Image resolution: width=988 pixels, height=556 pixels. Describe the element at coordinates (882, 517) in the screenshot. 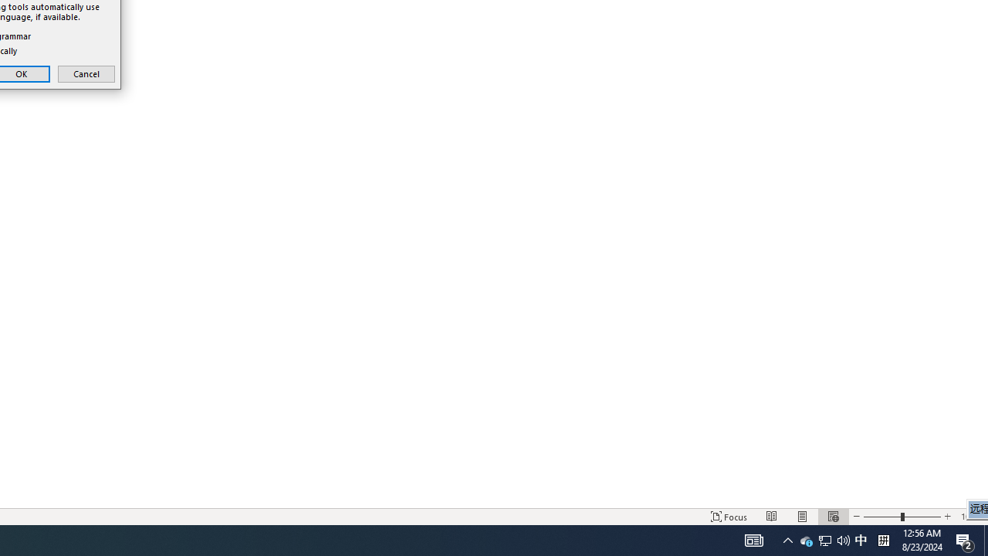

I see `'Tray Input Indicator - Chinese (Simplified, China)'` at that location.